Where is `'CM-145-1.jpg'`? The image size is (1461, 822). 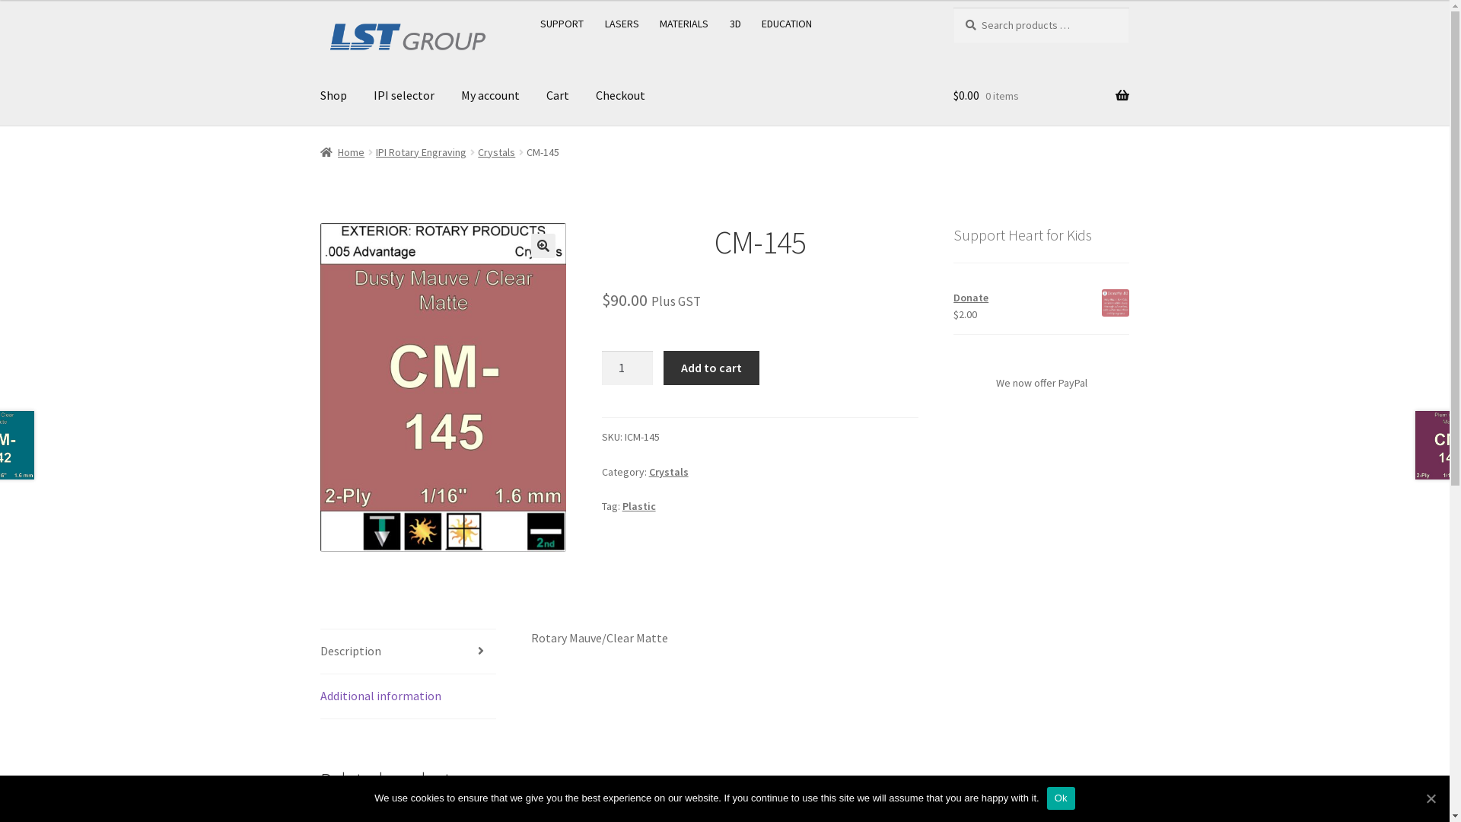
'CM-145-1.jpg' is located at coordinates (442, 387).